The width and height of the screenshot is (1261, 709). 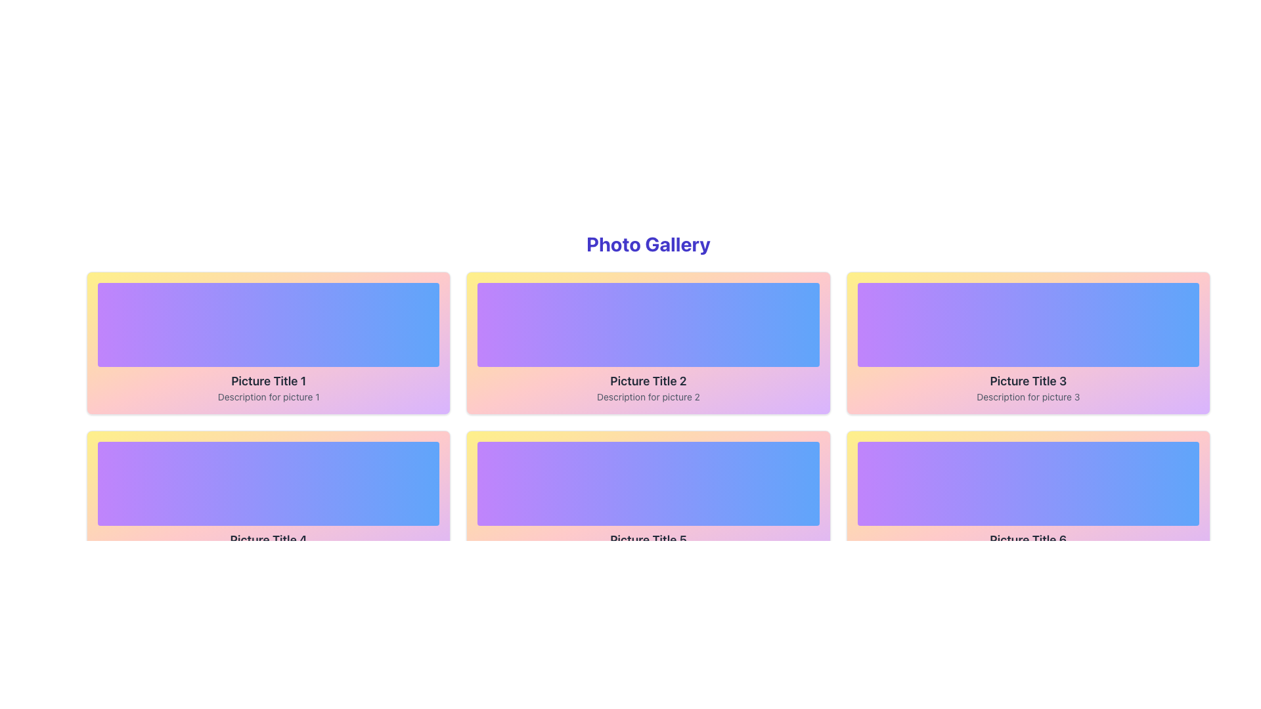 What do you see at coordinates (648, 483) in the screenshot?
I see `the decorative background area or image placeholder located in the middle row, second from the left in a three-column grid layout, which serves as a backdrop for an image above 'Picture Title 5' and 'Description for picture 5'` at bounding box center [648, 483].